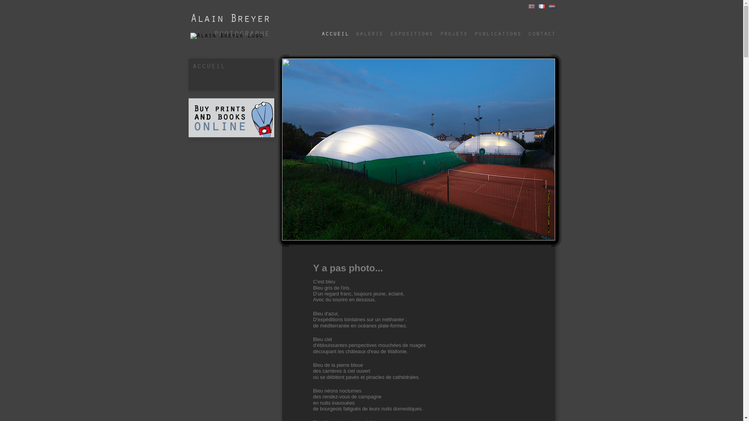 This screenshot has width=749, height=421. Describe the element at coordinates (531, 6) in the screenshot. I see `'English'` at that location.